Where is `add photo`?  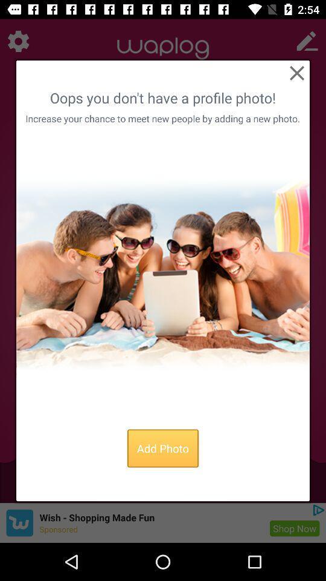
add photo is located at coordinates (163, 448).